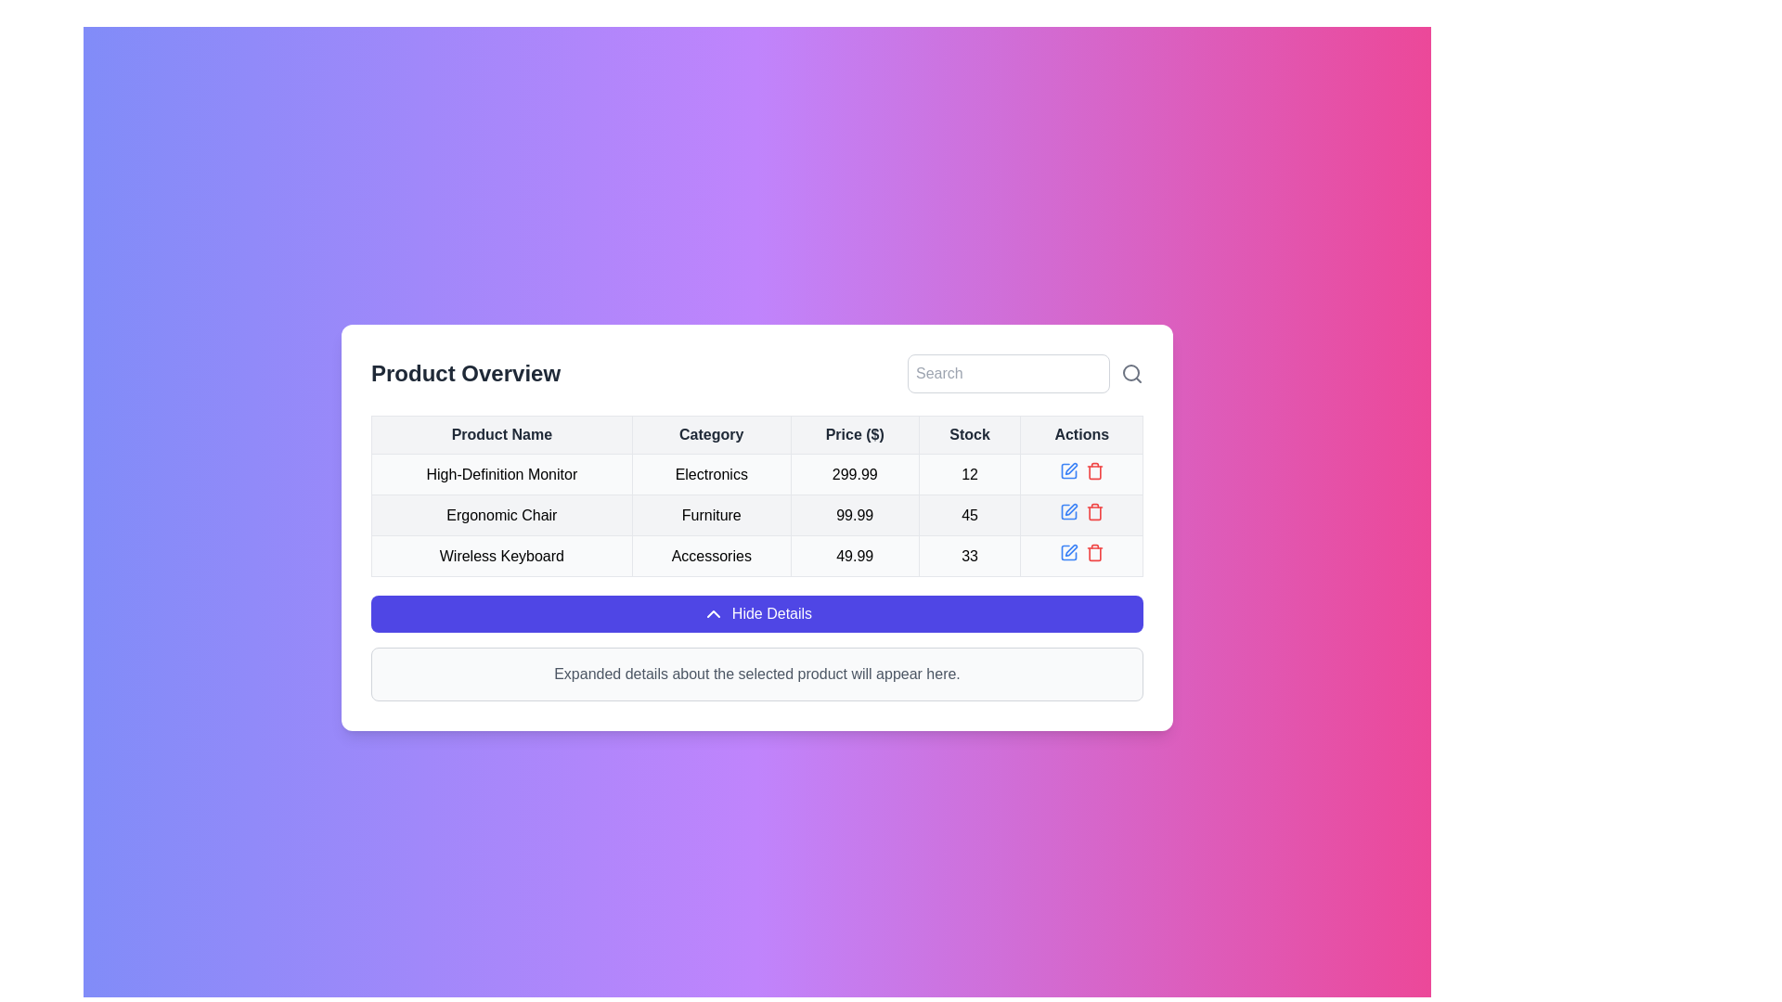 The height and width of the screenshot is (1002, 1782). I want to click on the Table header cell for the 'Actions' column, which is the fifth and last item in the header row, located at the far right, so click(1081, 435).